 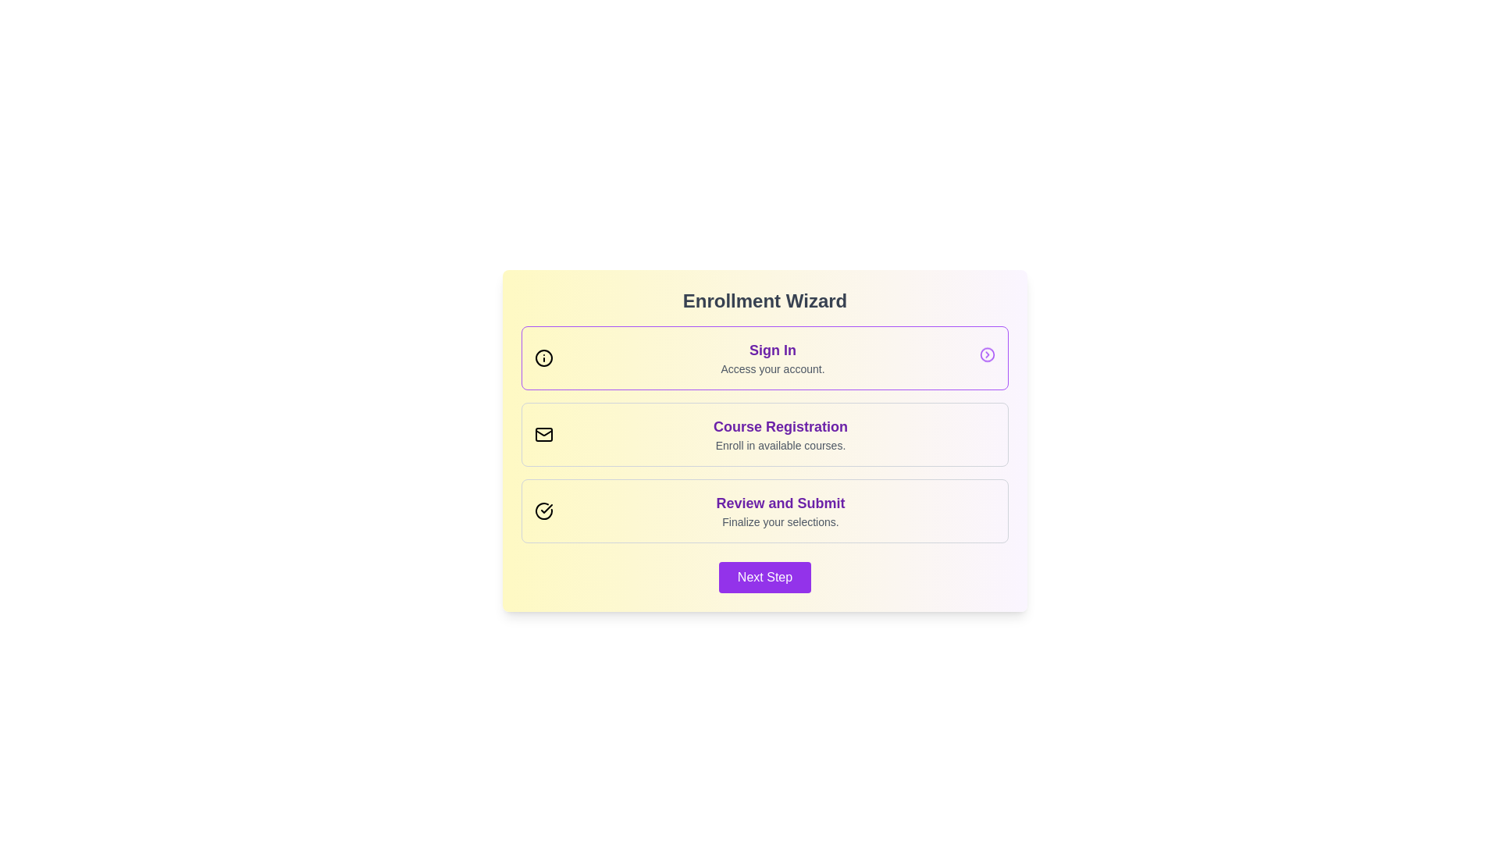 I want to click on the 'Next Step' button located at the center of the informational and interactive enrollment card to proceed with the enrollment process, so click(x=764, y=440).